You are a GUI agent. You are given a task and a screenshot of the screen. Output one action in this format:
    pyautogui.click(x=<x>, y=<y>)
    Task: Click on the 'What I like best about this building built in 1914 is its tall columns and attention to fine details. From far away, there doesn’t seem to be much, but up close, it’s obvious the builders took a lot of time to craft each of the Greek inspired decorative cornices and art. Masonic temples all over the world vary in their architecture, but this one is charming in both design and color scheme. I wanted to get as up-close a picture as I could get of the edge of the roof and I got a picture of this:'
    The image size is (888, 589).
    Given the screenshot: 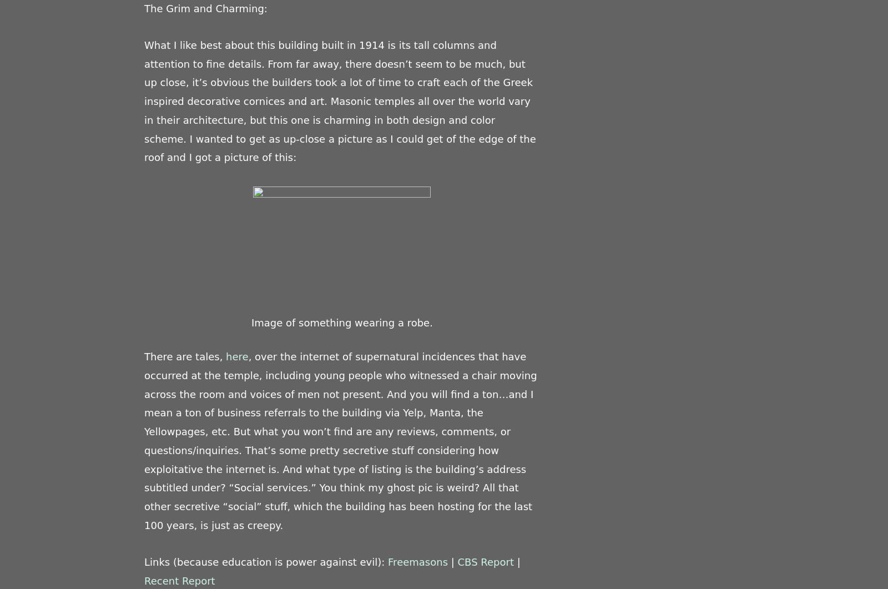 What is the action you would take?
    pyautogui.click(x=340, y=100)
    